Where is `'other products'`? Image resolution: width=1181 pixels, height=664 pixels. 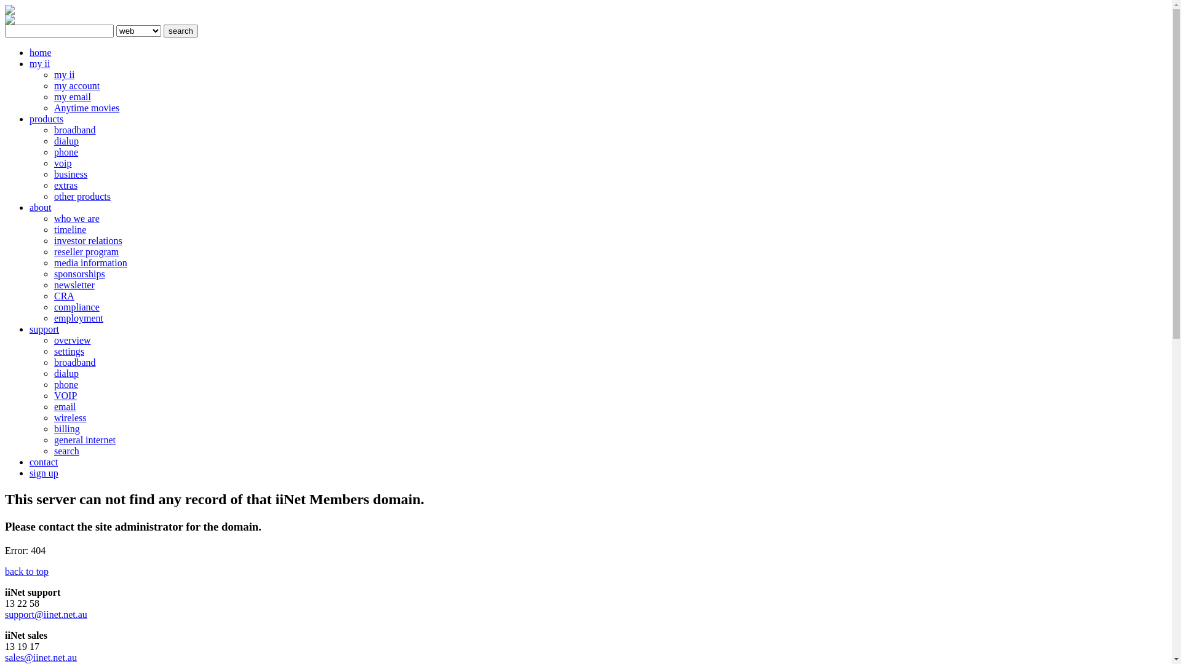 'other products' is located at coordinates (82, 196).